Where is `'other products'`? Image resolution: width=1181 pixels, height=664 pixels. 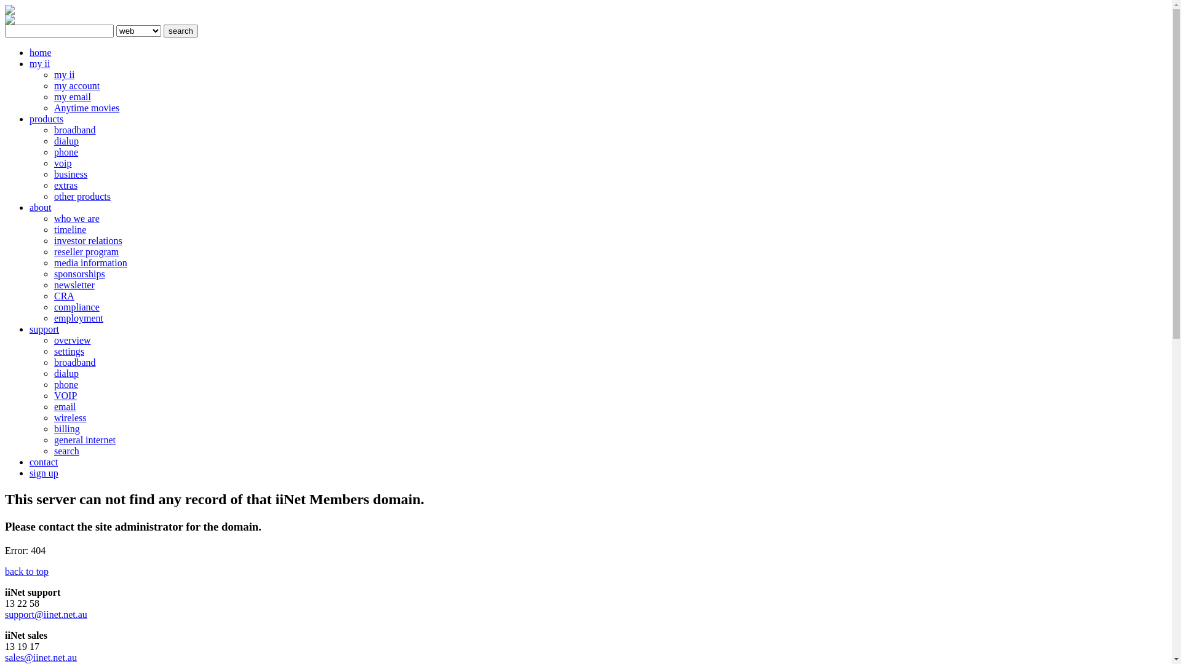 'other products' is located at coordinates (82, 196).